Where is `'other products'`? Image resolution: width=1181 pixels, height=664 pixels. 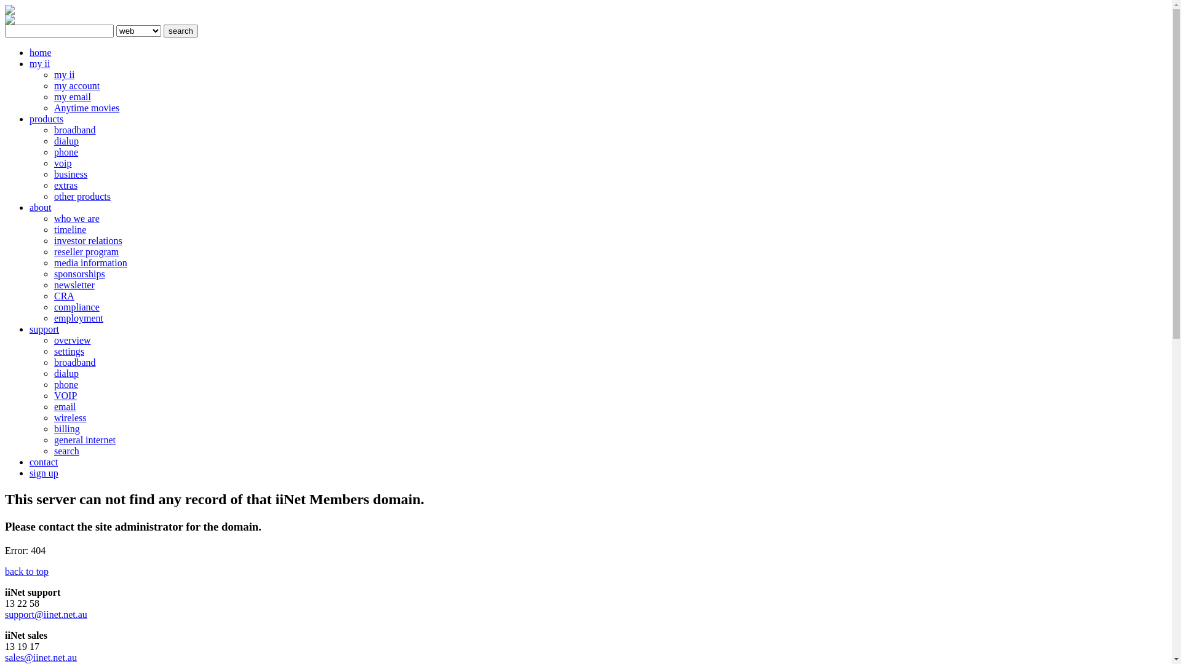 'other products' is located at coordinates (82, 196).